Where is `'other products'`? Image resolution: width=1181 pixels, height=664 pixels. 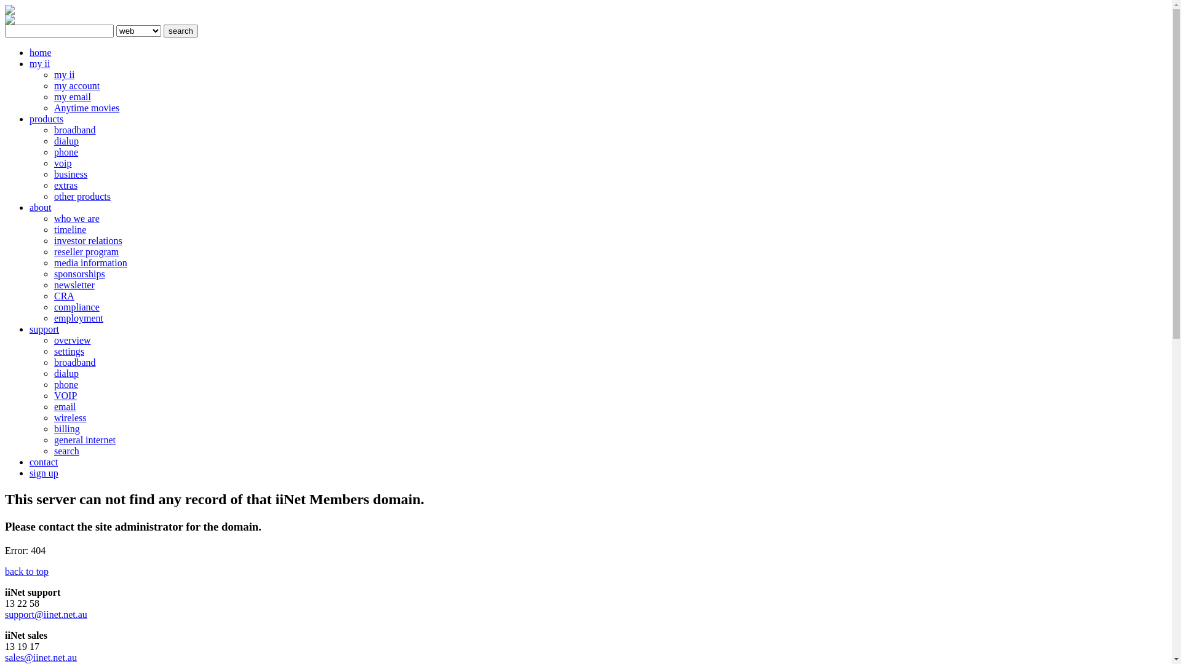 'other products' is located at coordinates (82, 196).